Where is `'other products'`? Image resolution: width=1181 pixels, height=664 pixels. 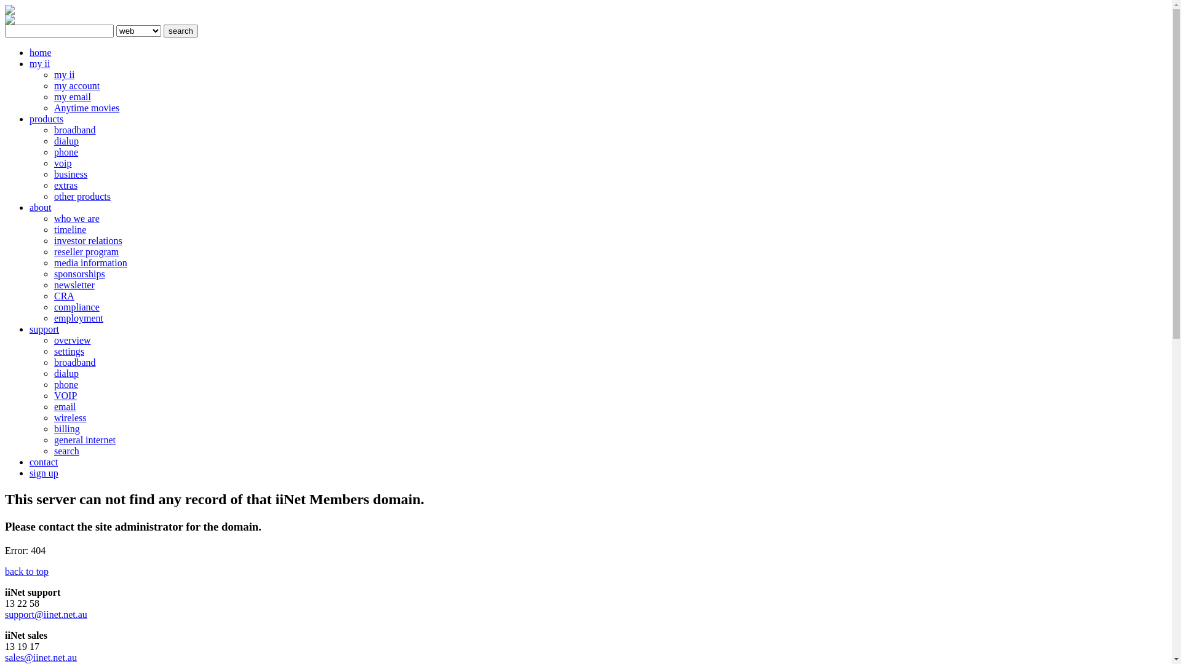 'other products' is located at coordinates (82, 196).